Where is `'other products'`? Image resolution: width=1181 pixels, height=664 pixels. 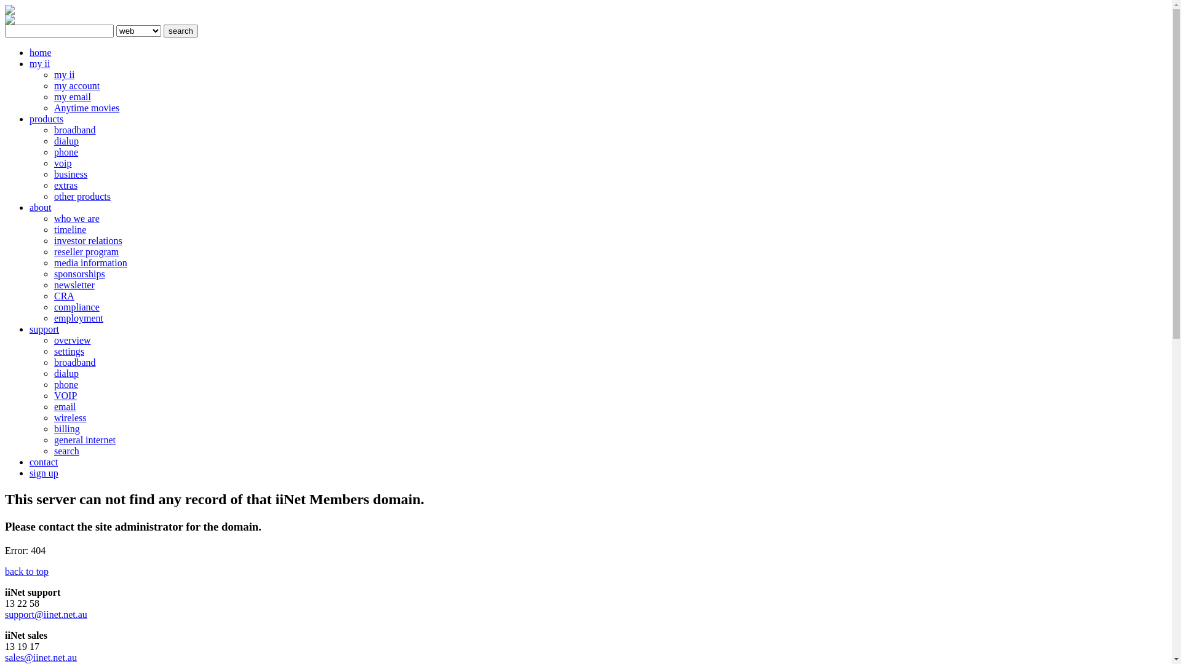 'other products' is located at coordinates (82, 196).